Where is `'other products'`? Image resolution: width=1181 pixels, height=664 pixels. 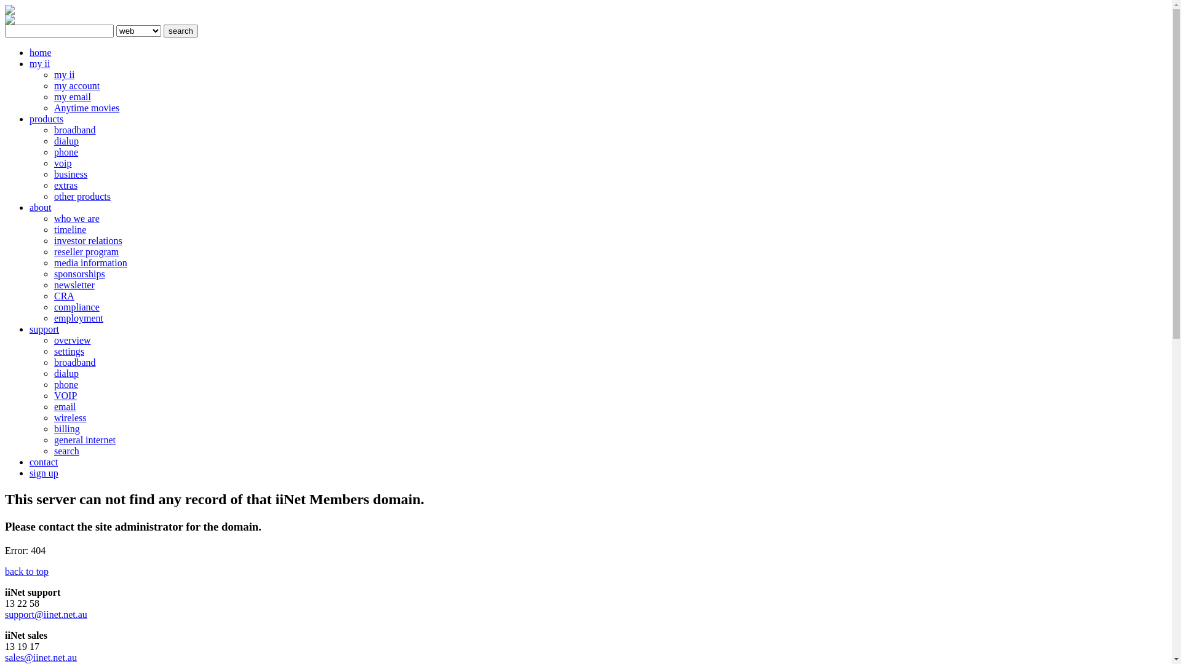 'other products' is located at coordinates (82, 196).